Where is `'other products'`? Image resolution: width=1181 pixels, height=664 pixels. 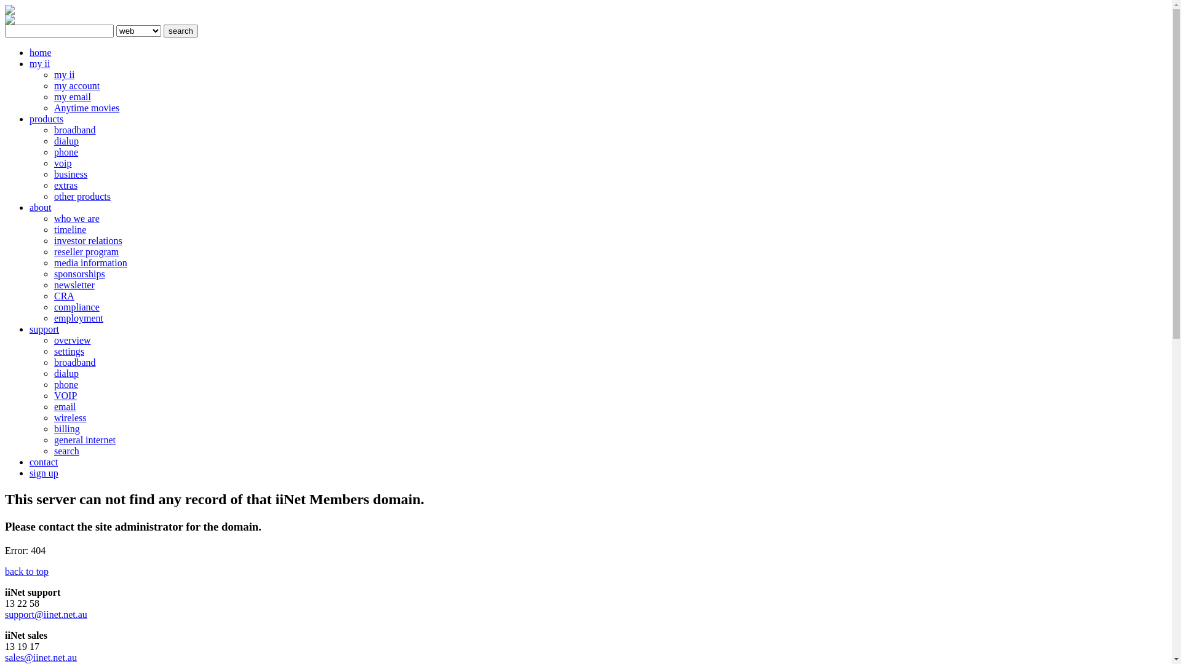 'other products' is located at coordinates (82, 196).